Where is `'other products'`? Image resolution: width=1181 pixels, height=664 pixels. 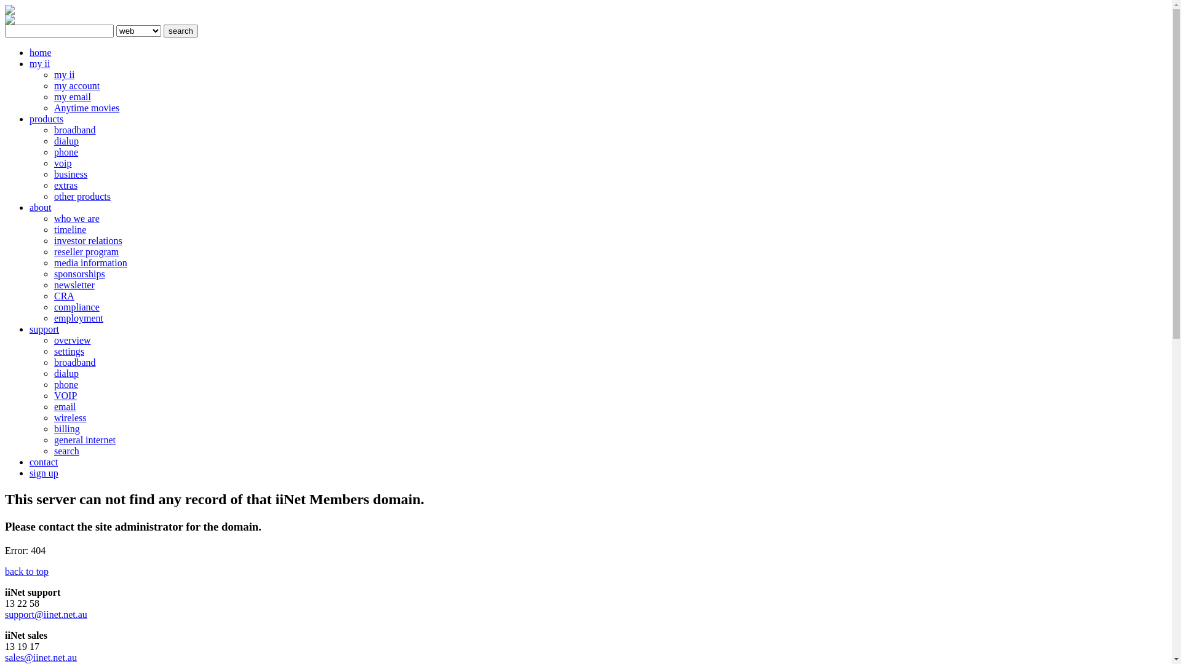 'other products' is located at coordinates (82, 196).